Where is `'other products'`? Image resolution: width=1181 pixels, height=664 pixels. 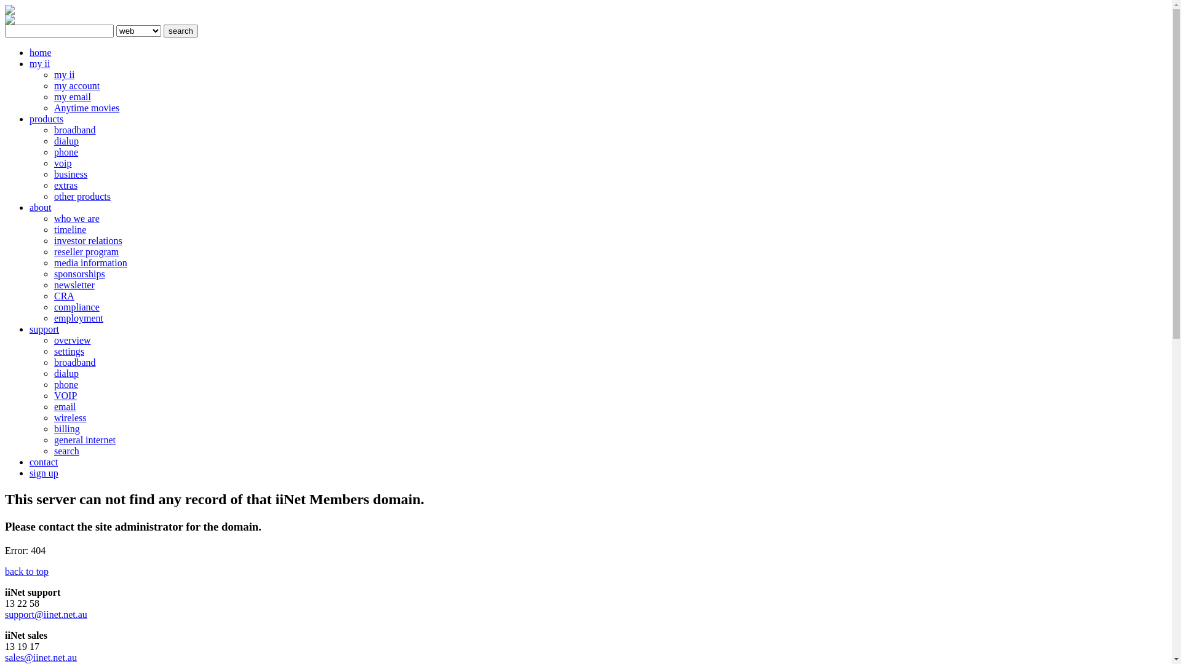 'other products' is located at coordinates (82, 196).